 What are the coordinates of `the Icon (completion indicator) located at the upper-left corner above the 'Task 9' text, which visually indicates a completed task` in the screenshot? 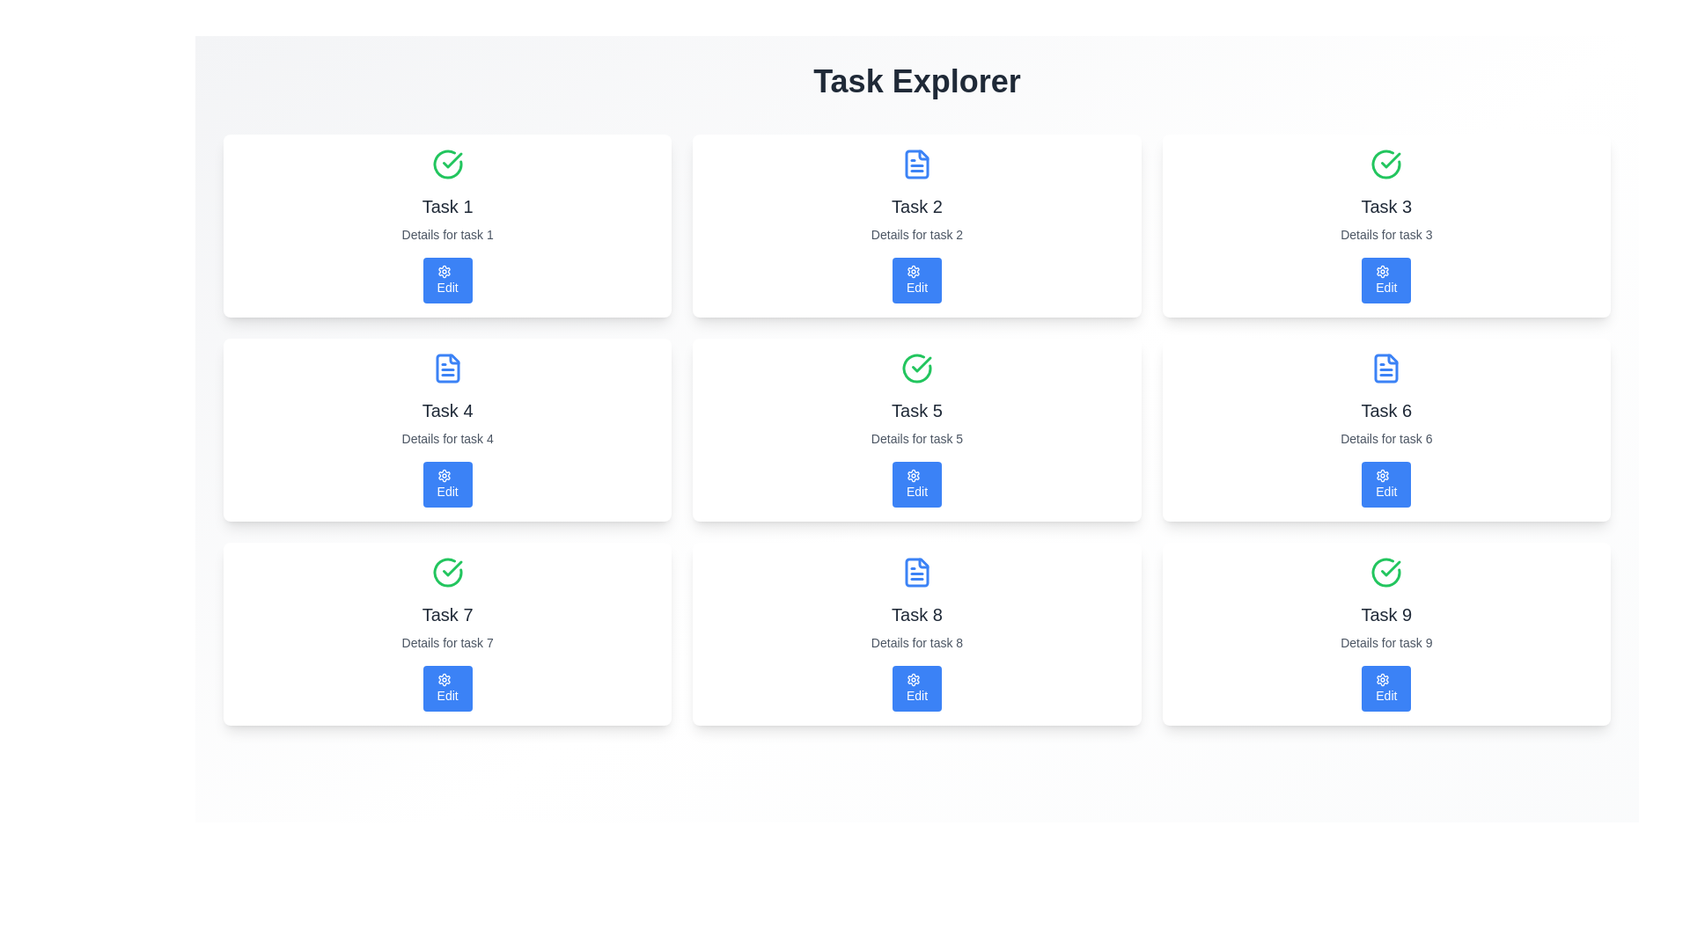 It's located at (1385, 573).